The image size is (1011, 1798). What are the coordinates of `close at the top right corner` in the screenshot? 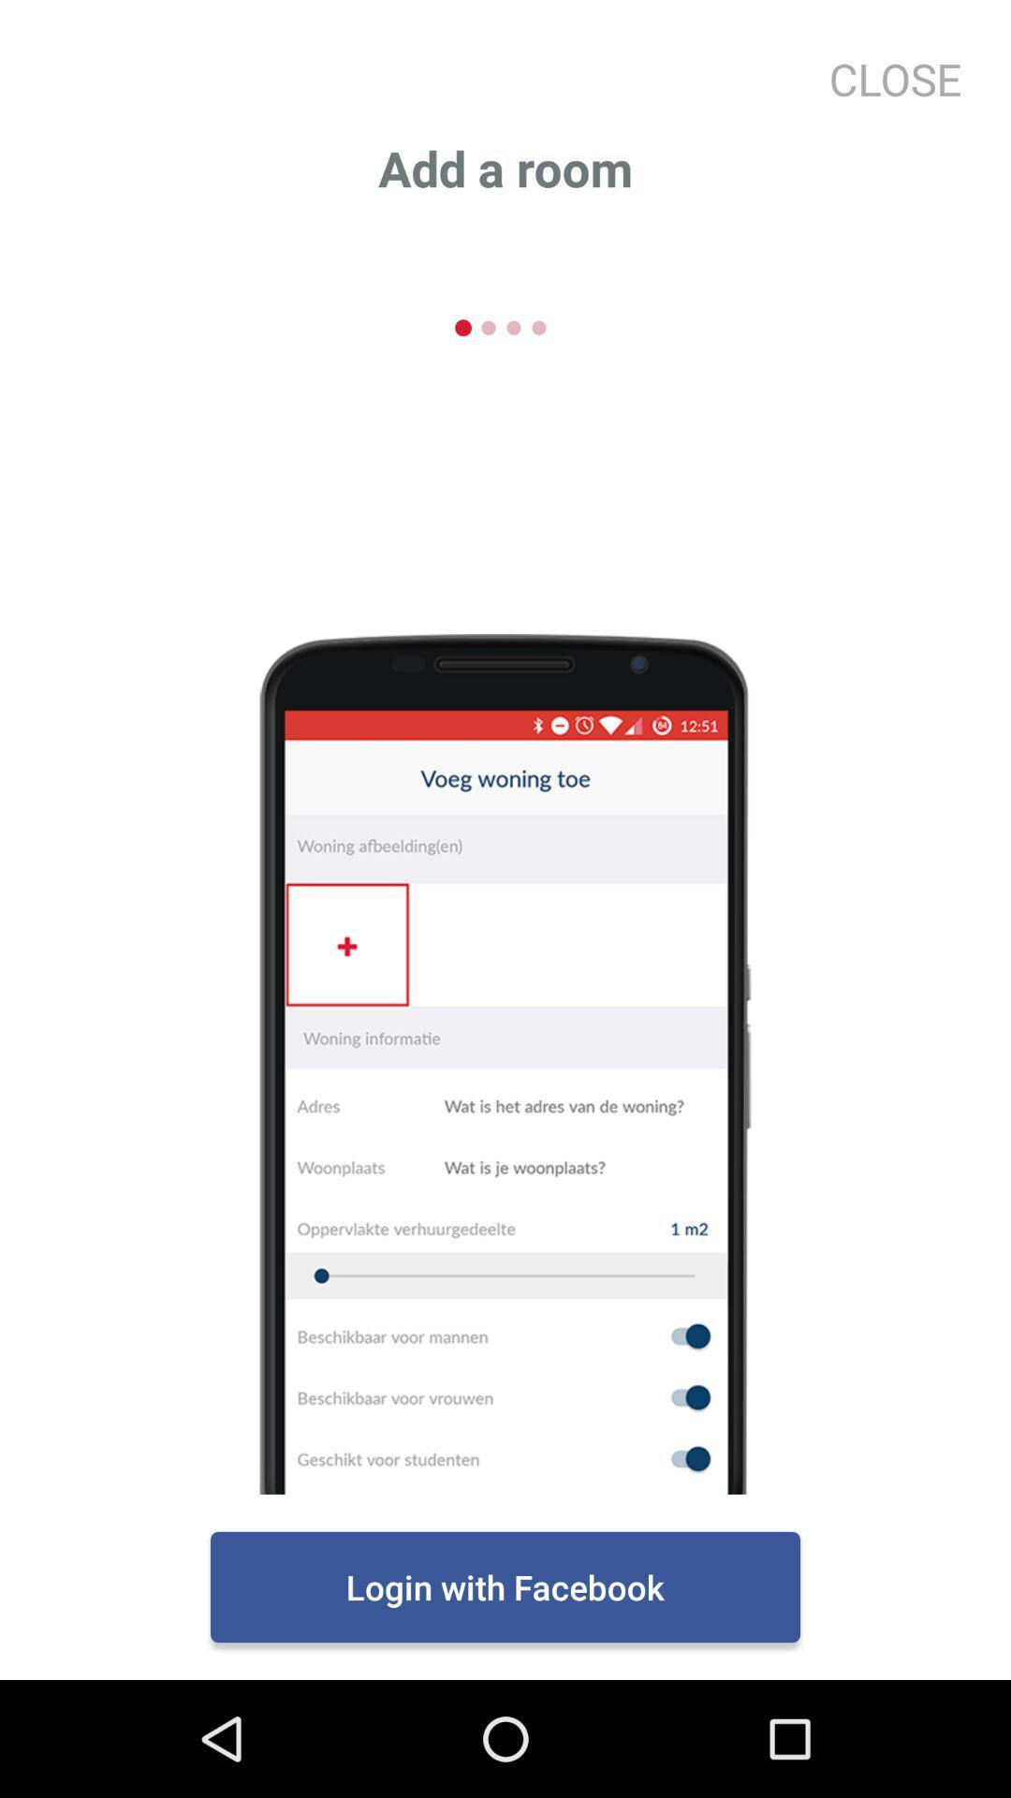 It's located at (886, 78).